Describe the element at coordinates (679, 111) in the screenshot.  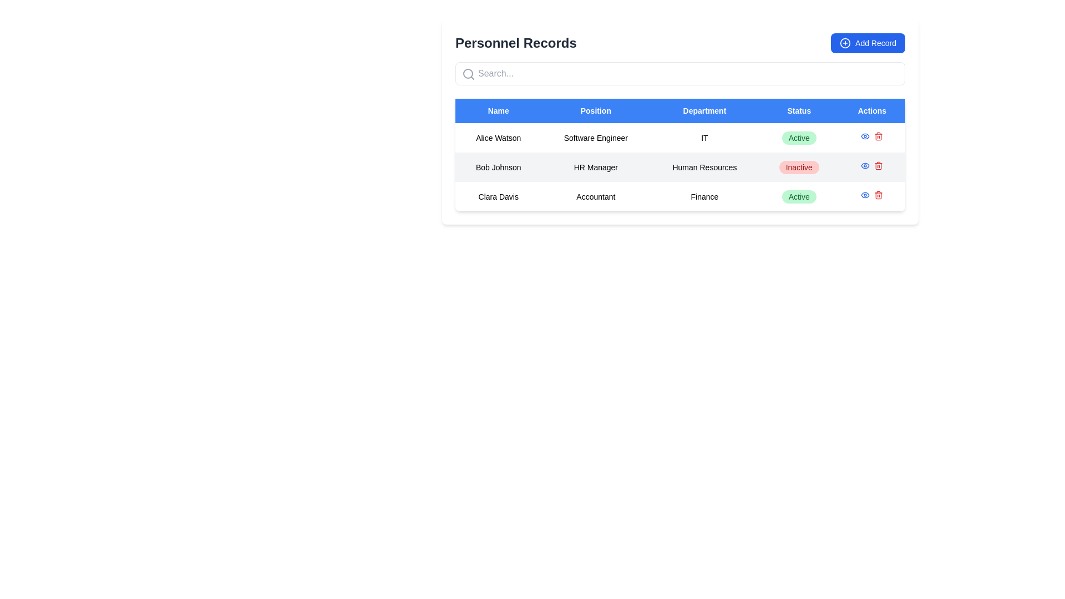
I see `the Table Header Row, which labels the columns of the table and is located at the topmost part of the table directly below a search bar` at that location.